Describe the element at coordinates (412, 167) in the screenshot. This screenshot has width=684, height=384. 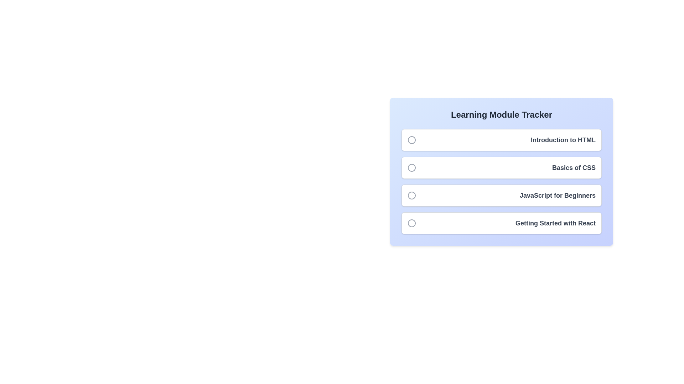
I see `the interactive radio button for 'Basics of CSS'` at that location.